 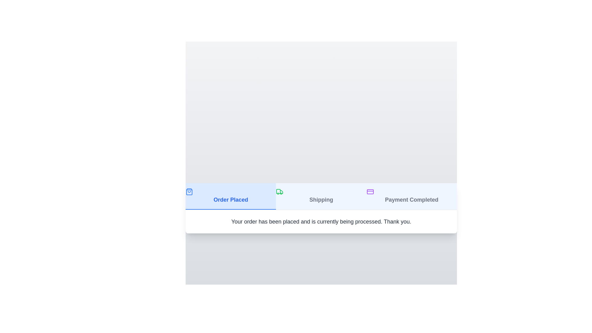 I want to click on the tab corresponding to Payment Completed, so click(x=412, y=196).